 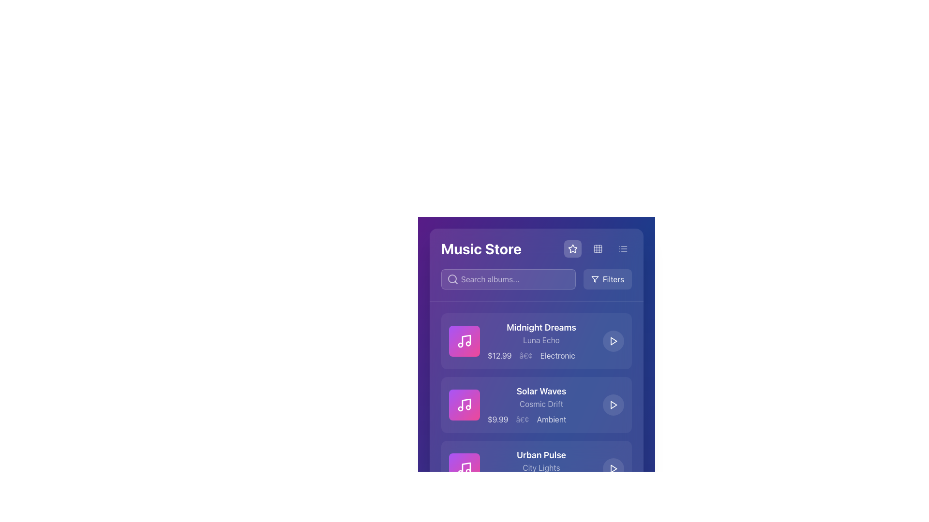 I want to click on the grid view icon button located in the top-right corner of the interface, so click(x=598, y=248).